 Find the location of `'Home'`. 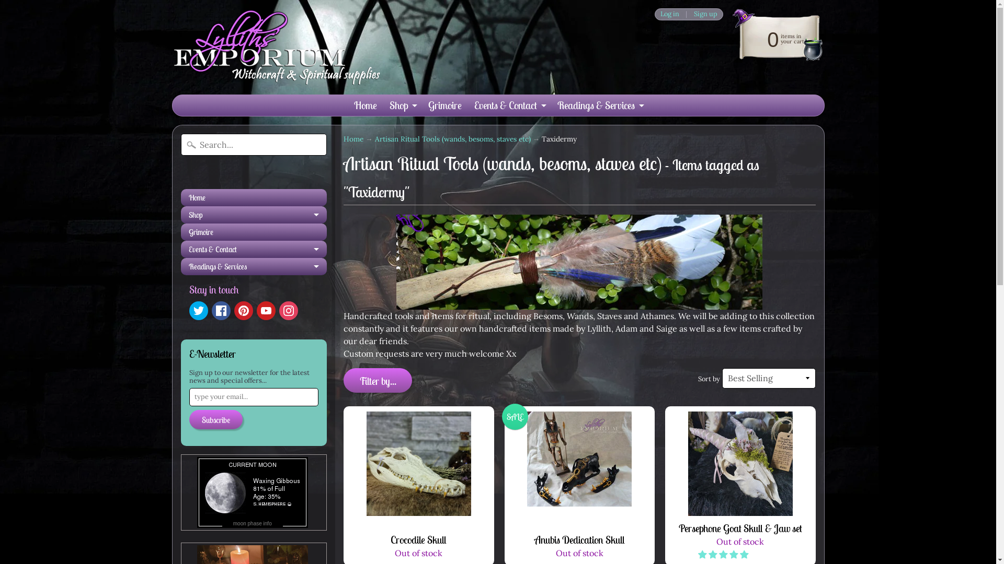

'Home' is located at coordinates (364, 105).